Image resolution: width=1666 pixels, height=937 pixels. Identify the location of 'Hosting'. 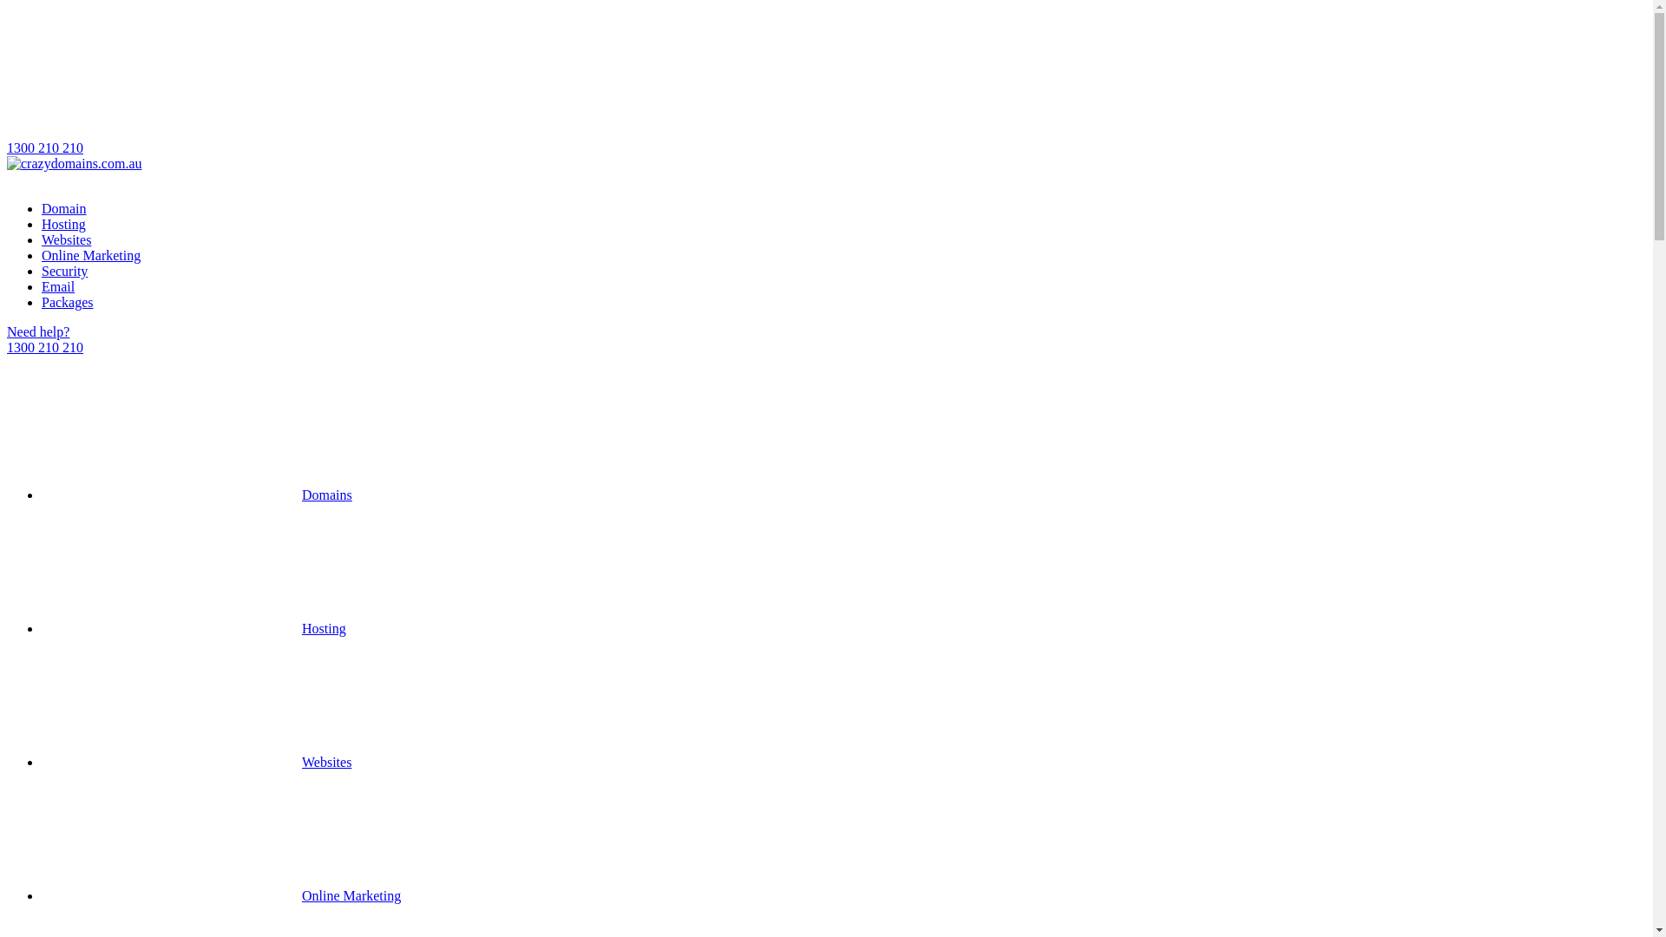
(193, 628).